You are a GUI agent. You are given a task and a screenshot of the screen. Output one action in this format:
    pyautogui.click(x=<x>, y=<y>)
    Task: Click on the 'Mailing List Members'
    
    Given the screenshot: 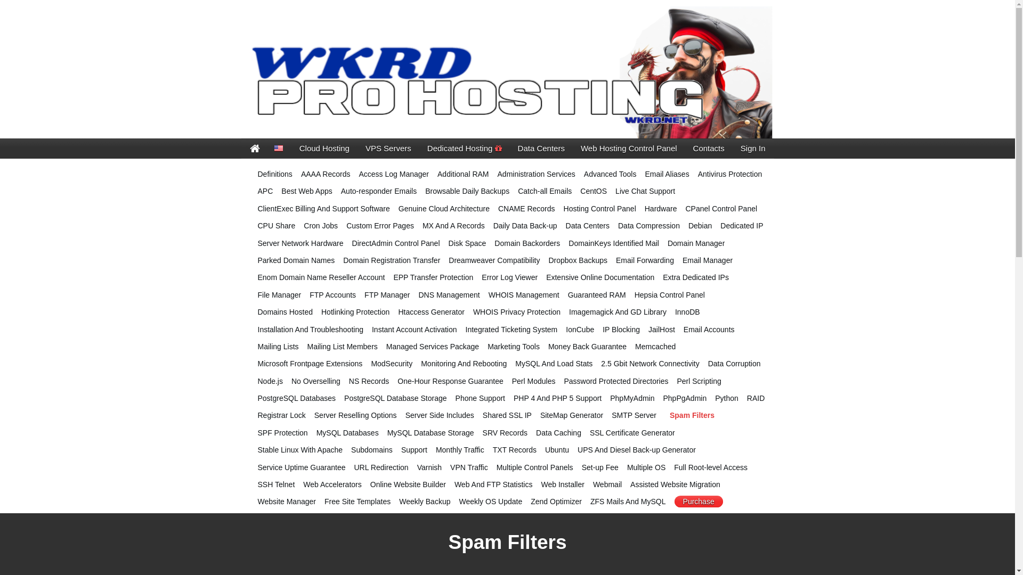 What is the action you would take?
    pyautogui.click(x=343, y=347)
    